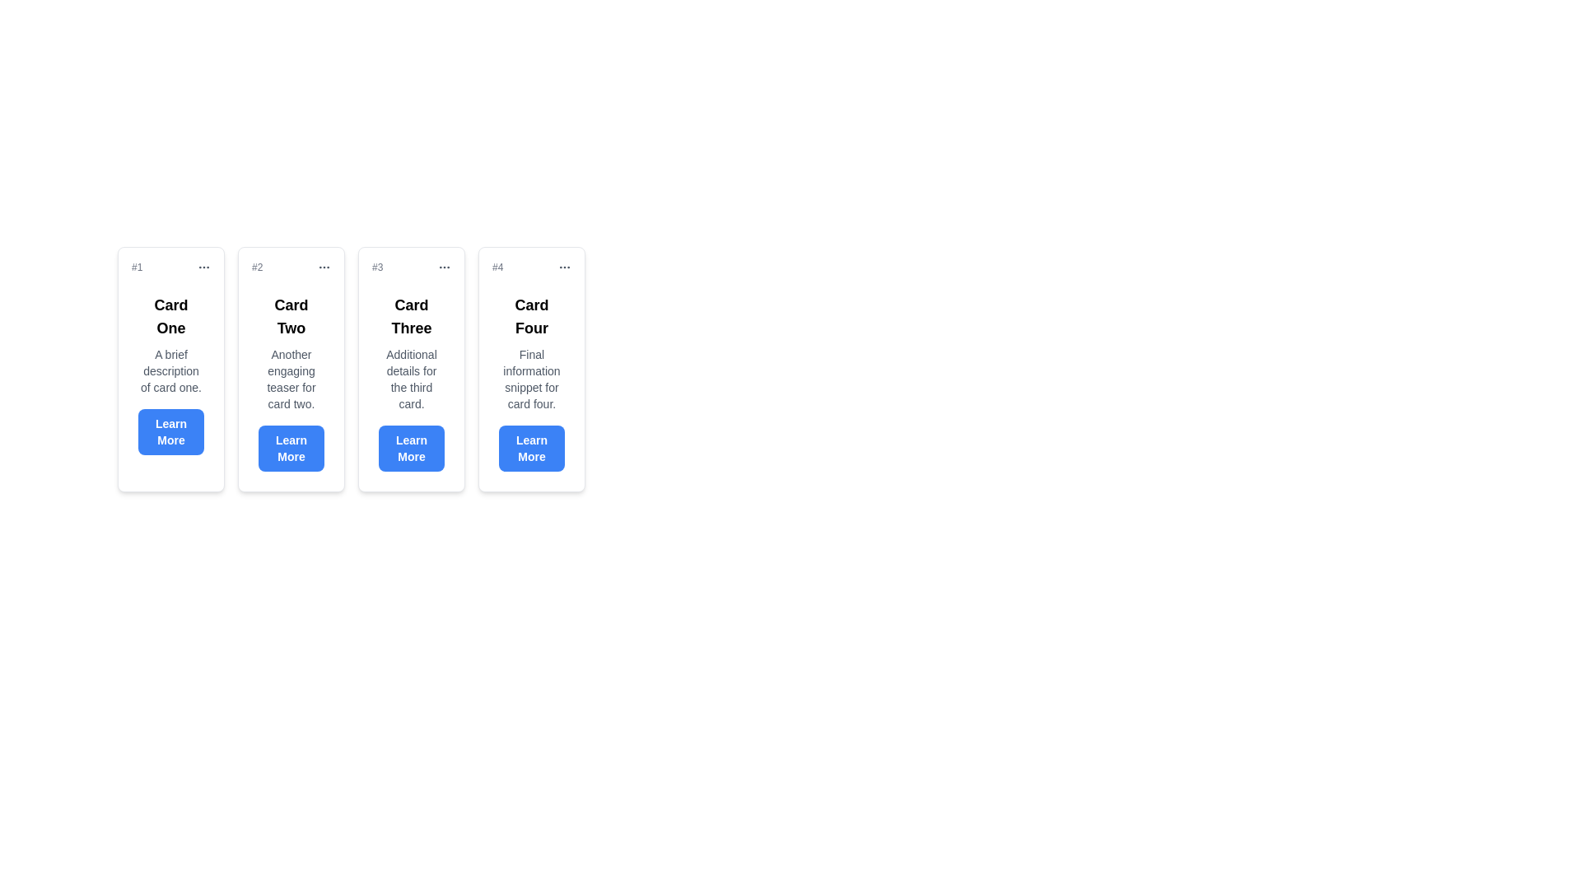  What do you see at coordinates (376, 266) in the screenshot?
I see `the text element in the top-left corner of 'Card Three'` at bounding box center [376, 266].